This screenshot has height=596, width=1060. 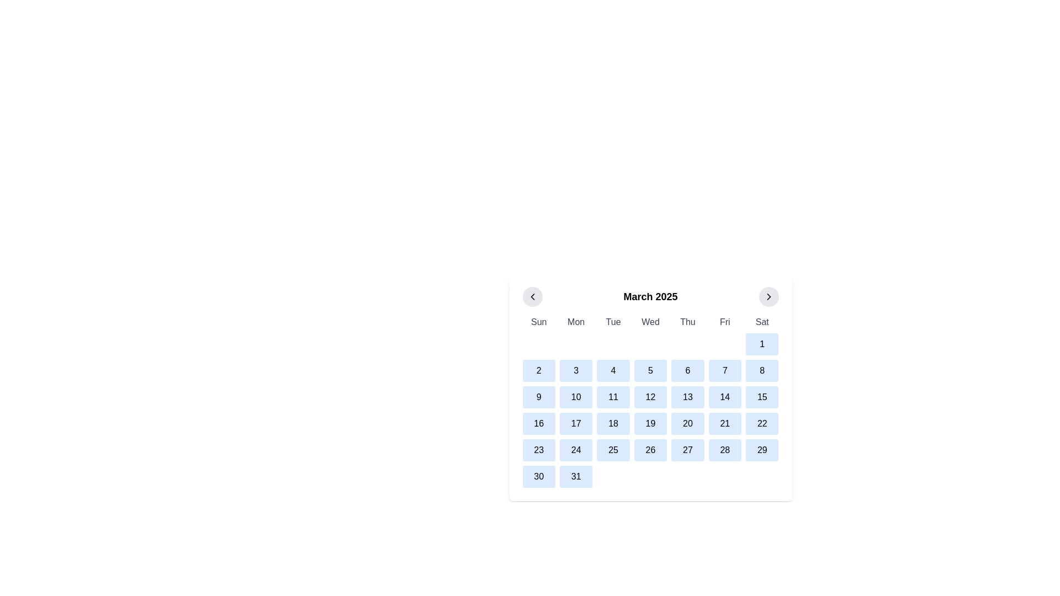 What do you see at coordinates (687, 322) in the screenshot?
I see `the text label displaying 'Thu', which is the fifth item in the header row of a calendar interface` at bounding box center [687, 322].